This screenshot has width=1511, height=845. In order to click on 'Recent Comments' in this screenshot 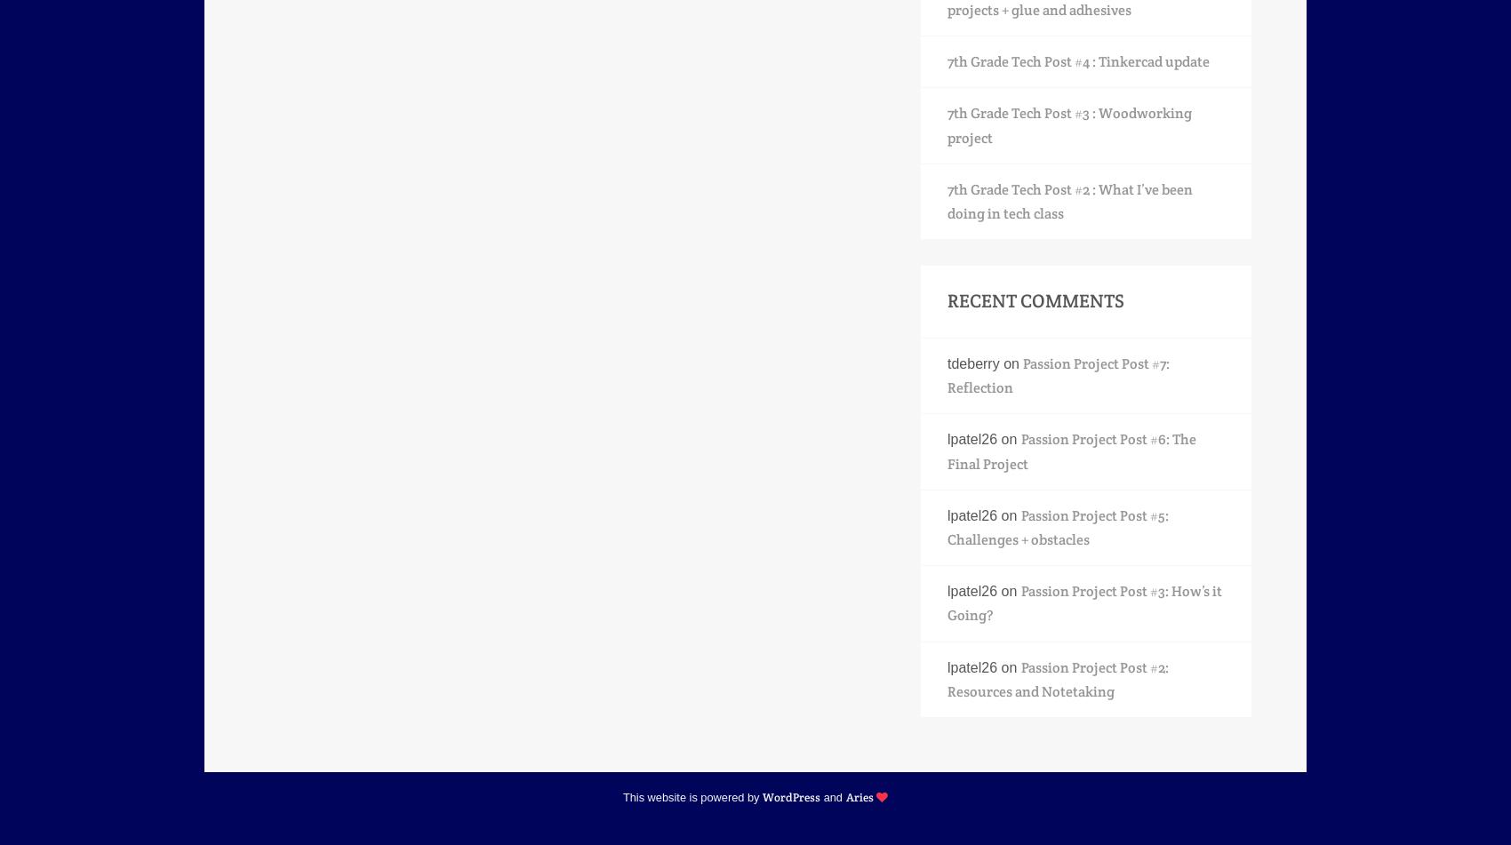, I will do `click(947, 300)`.